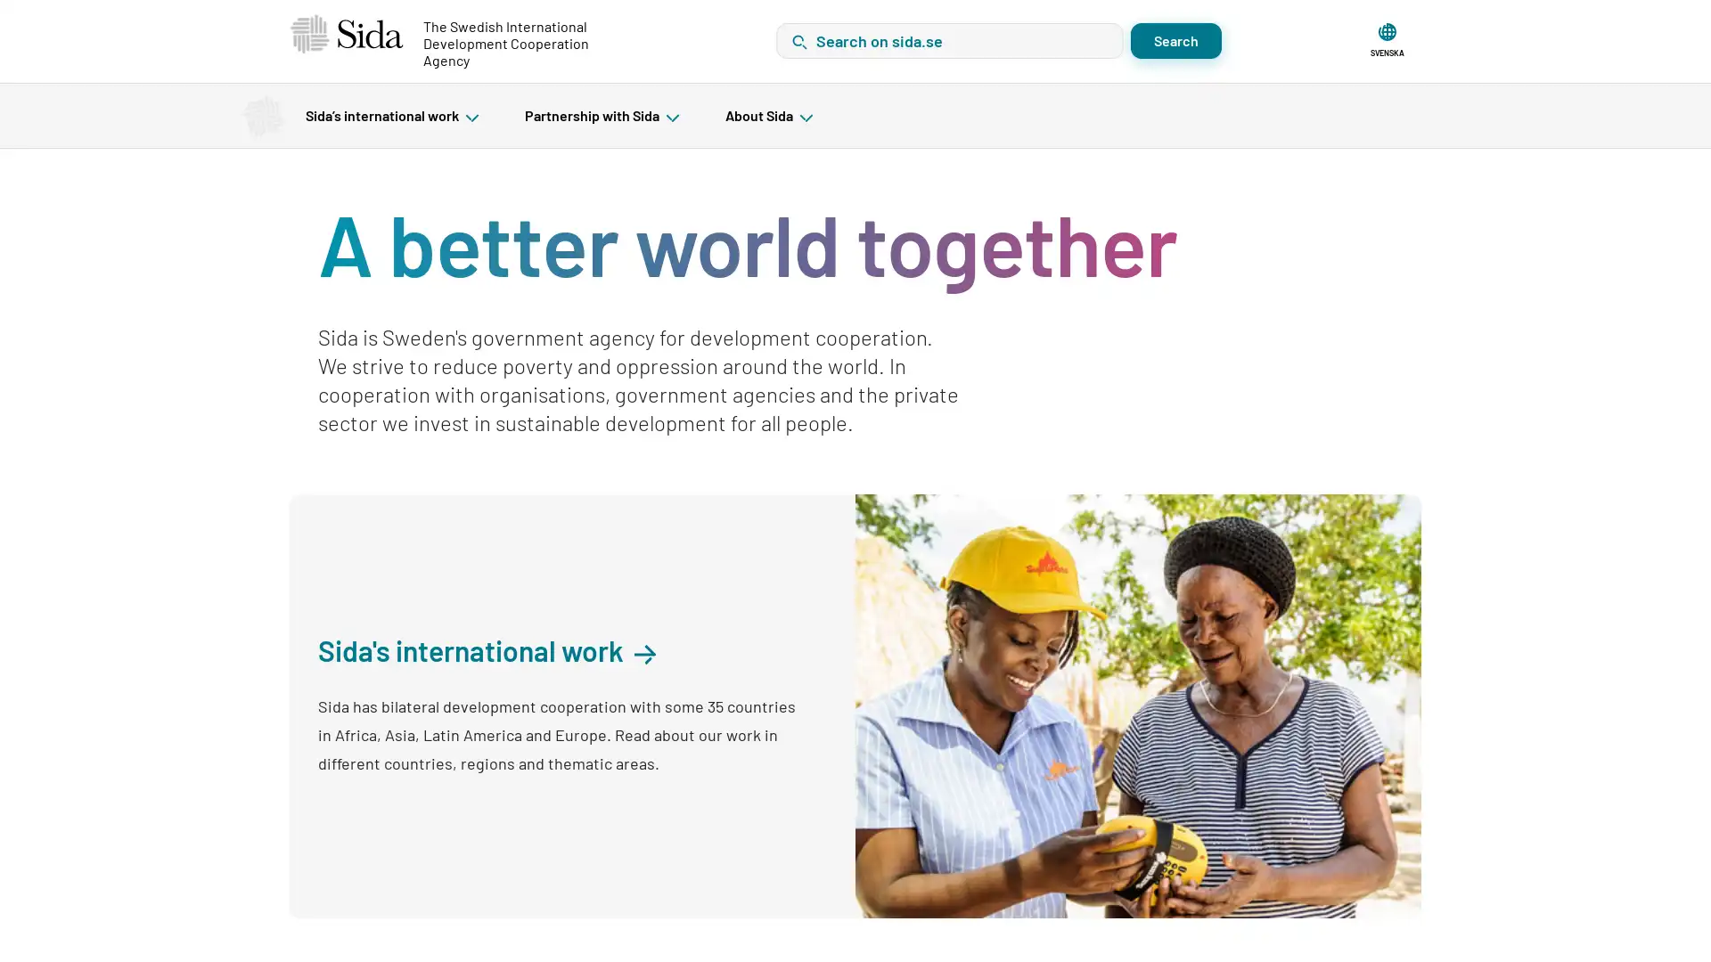  I want to click on SVENSKA, so click(1386, 40).